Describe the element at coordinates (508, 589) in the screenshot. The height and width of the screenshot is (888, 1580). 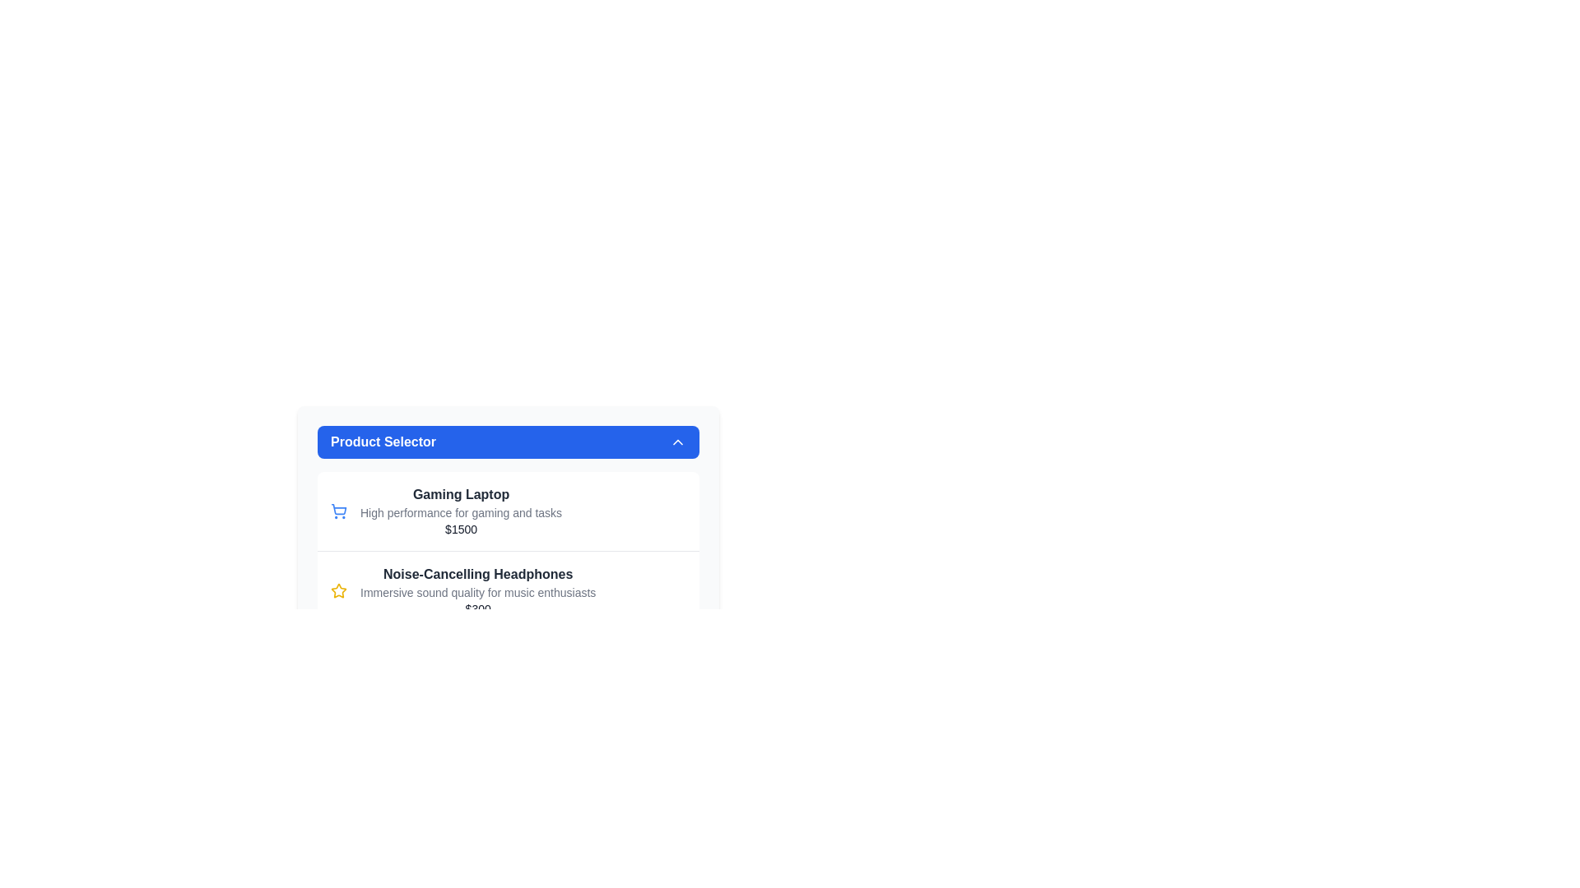
I see `the selectable list item for 'Noise-Cancelling Headphones'` at that location.